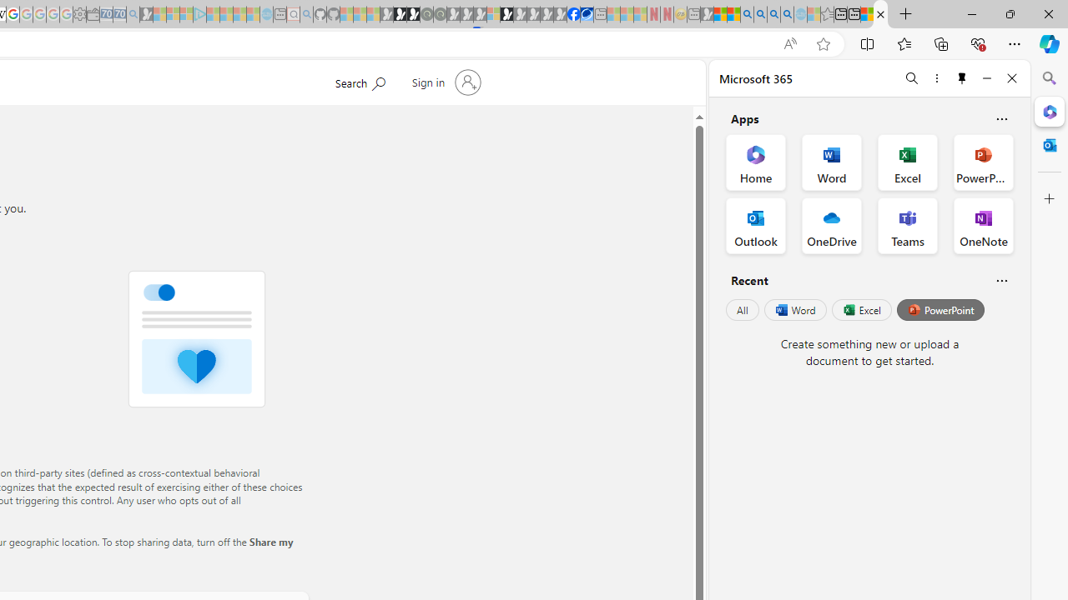  Describe the element at coordinates (440, 14) in the screenshot. I see `'Future Focus Report 2024 - Sleeping'` at that location.